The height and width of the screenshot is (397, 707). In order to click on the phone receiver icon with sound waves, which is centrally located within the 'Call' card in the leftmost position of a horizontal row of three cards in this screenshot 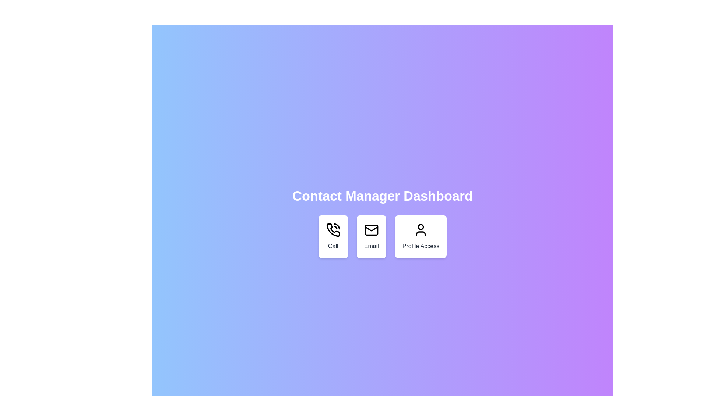, I will do `click(333, 229)`.